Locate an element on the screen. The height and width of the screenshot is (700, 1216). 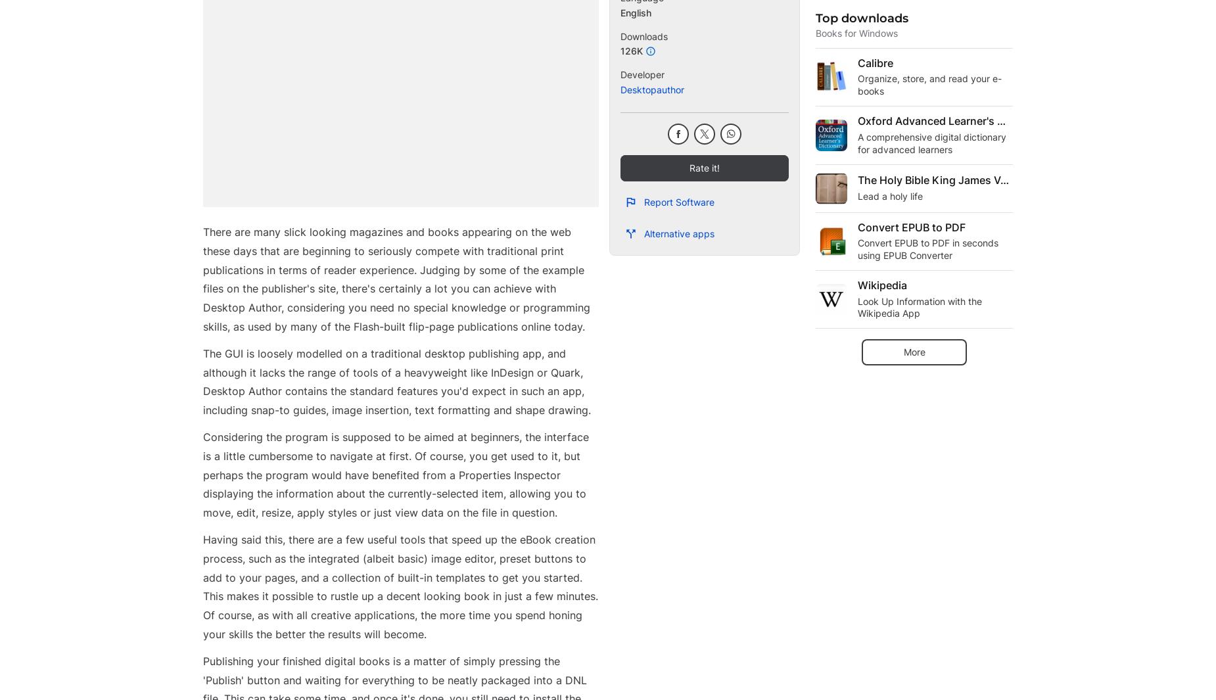
'Laws concerning the use of this software vary from country to country. We do not encourage or condone the use of this program if it is in violation of these laws.' is located at coordinates (602, 543).